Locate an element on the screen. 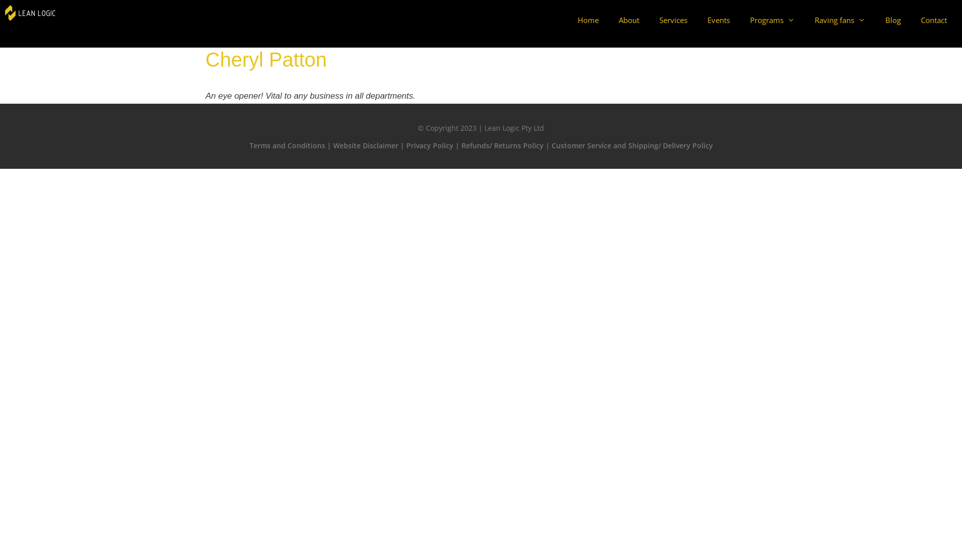 Image resolution: width=962 pixels, height=541 pixels. 'Refunds/ Returns Policy' is located at coordinates (460, 145).